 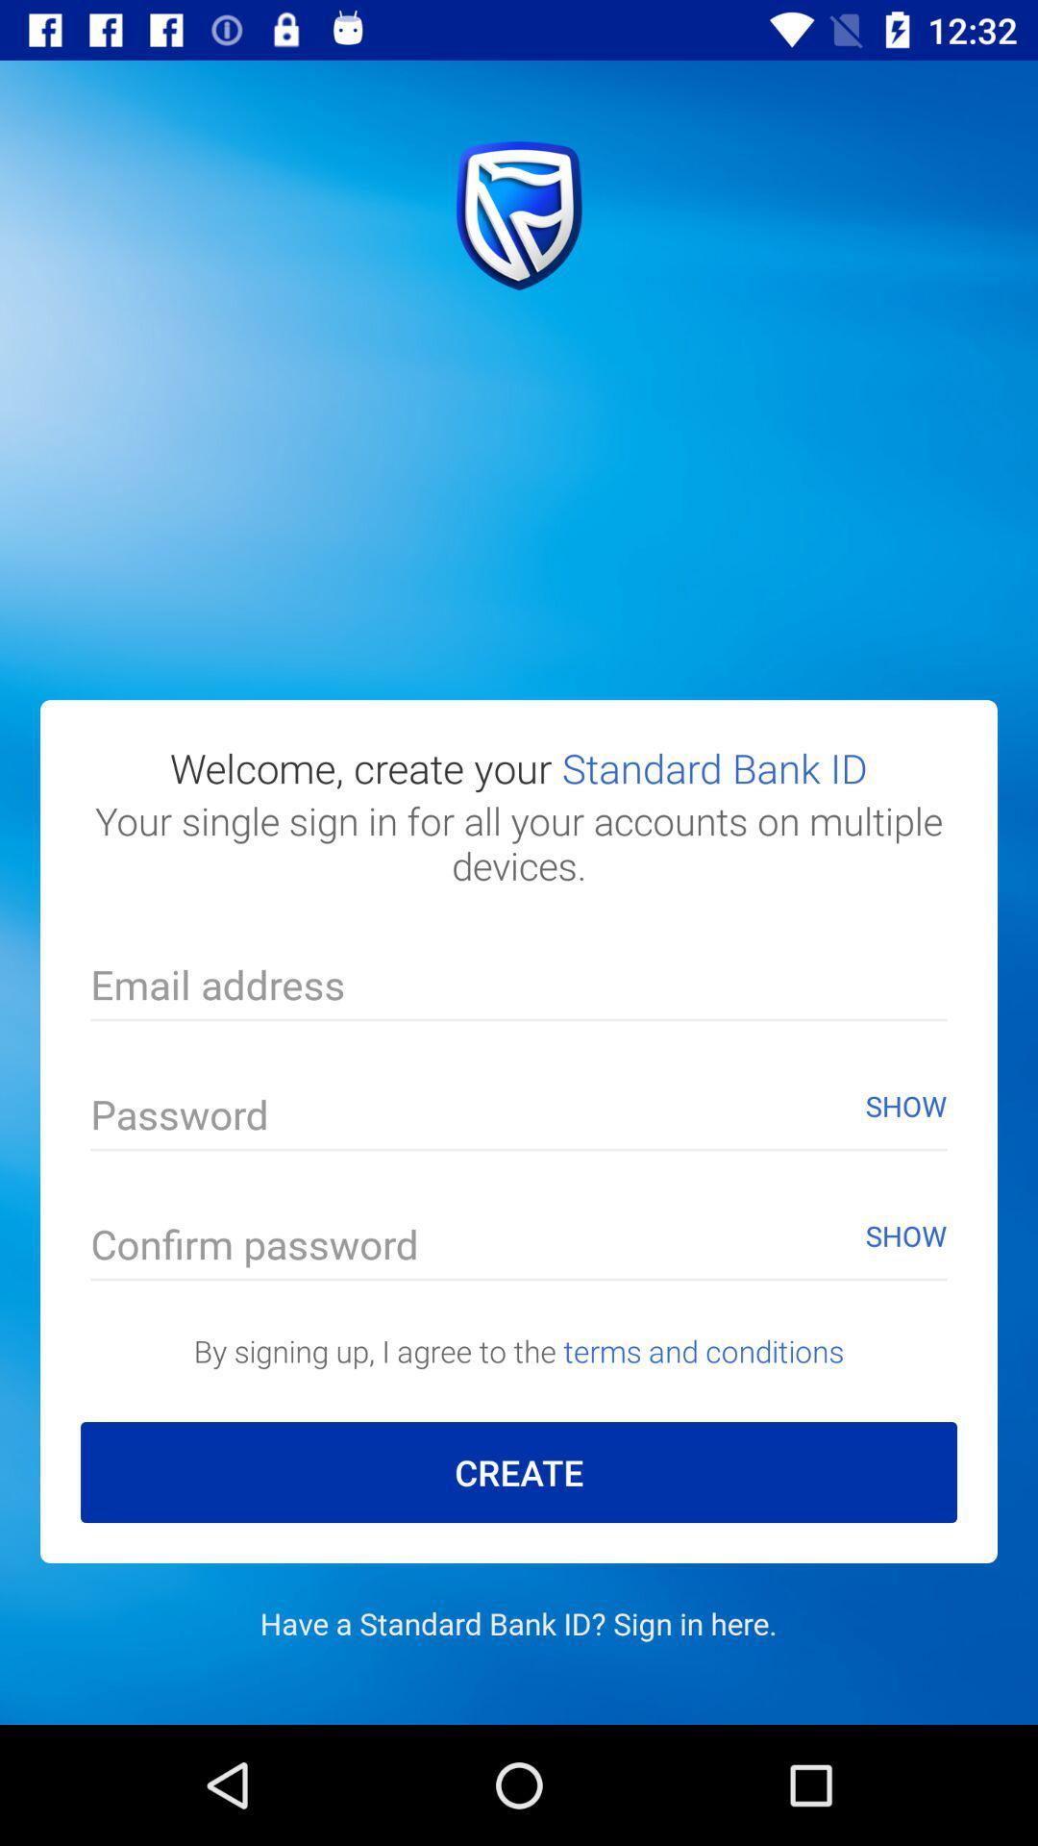 I want to click on password, so click(x=519, y=1119).